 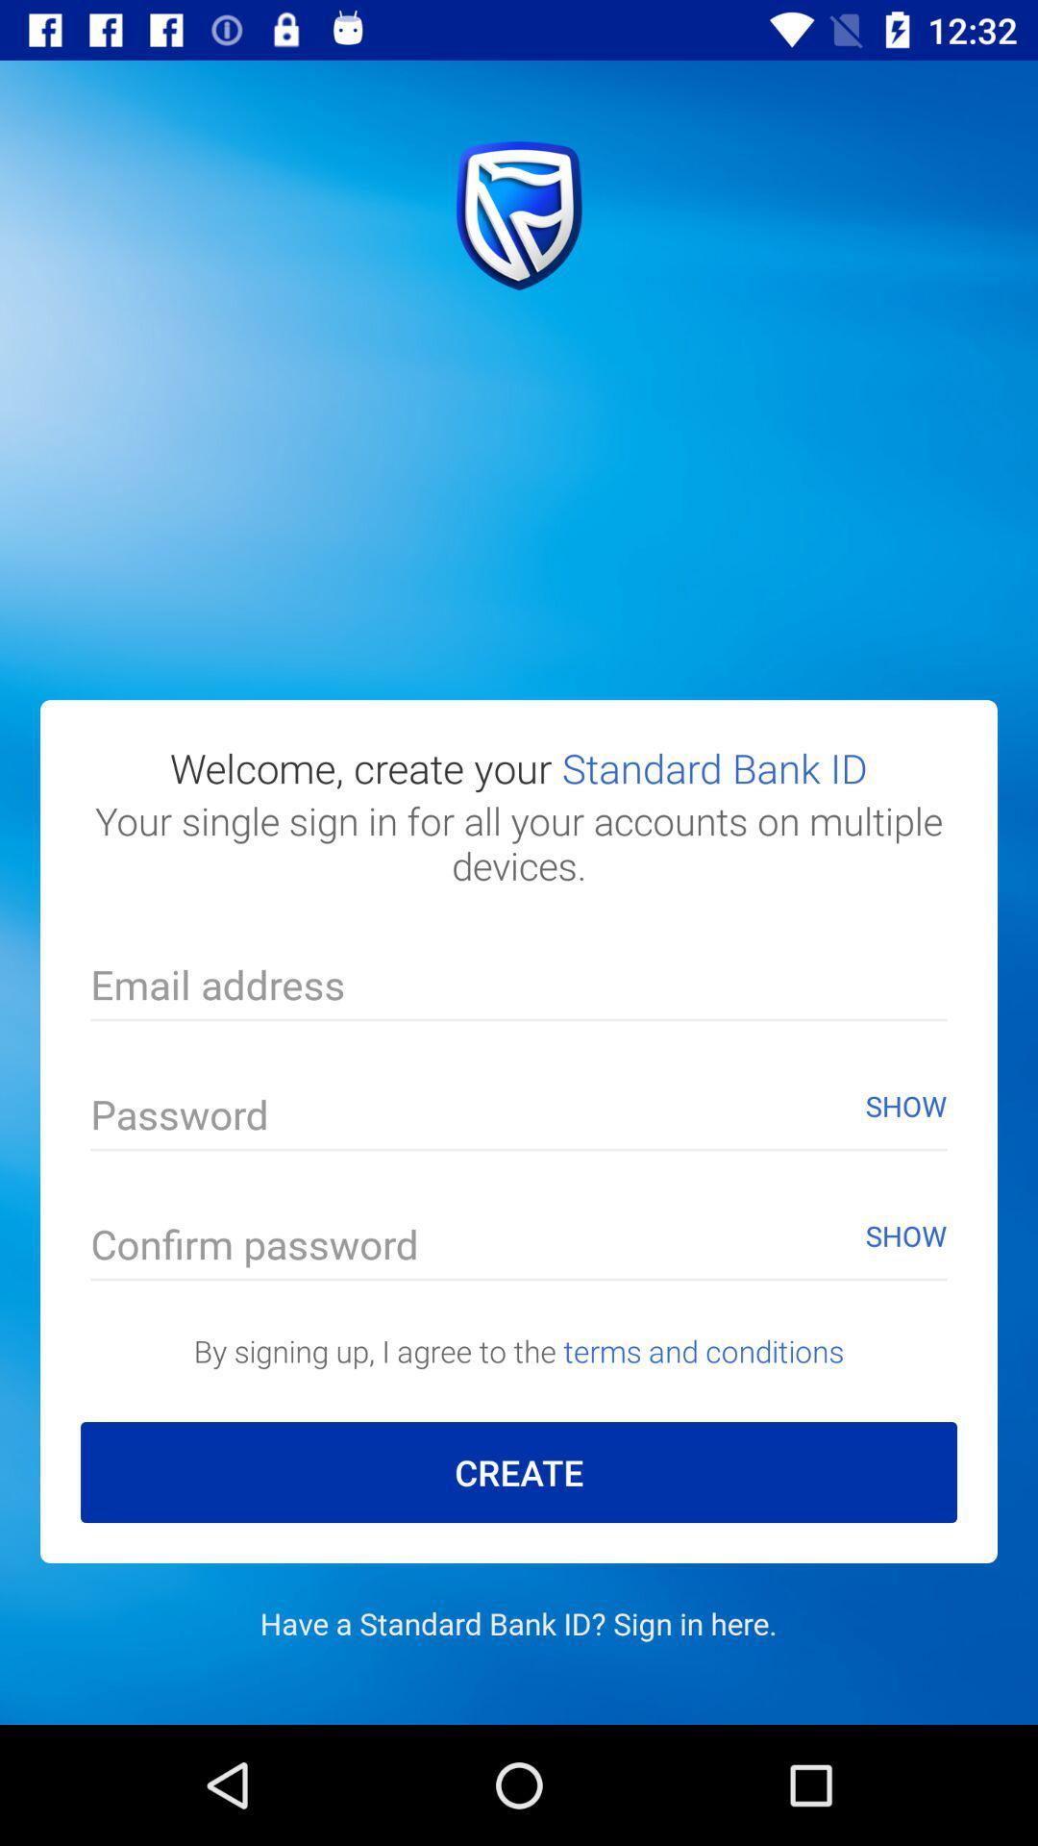 I want to click on password, so click(x=519, y=1119).